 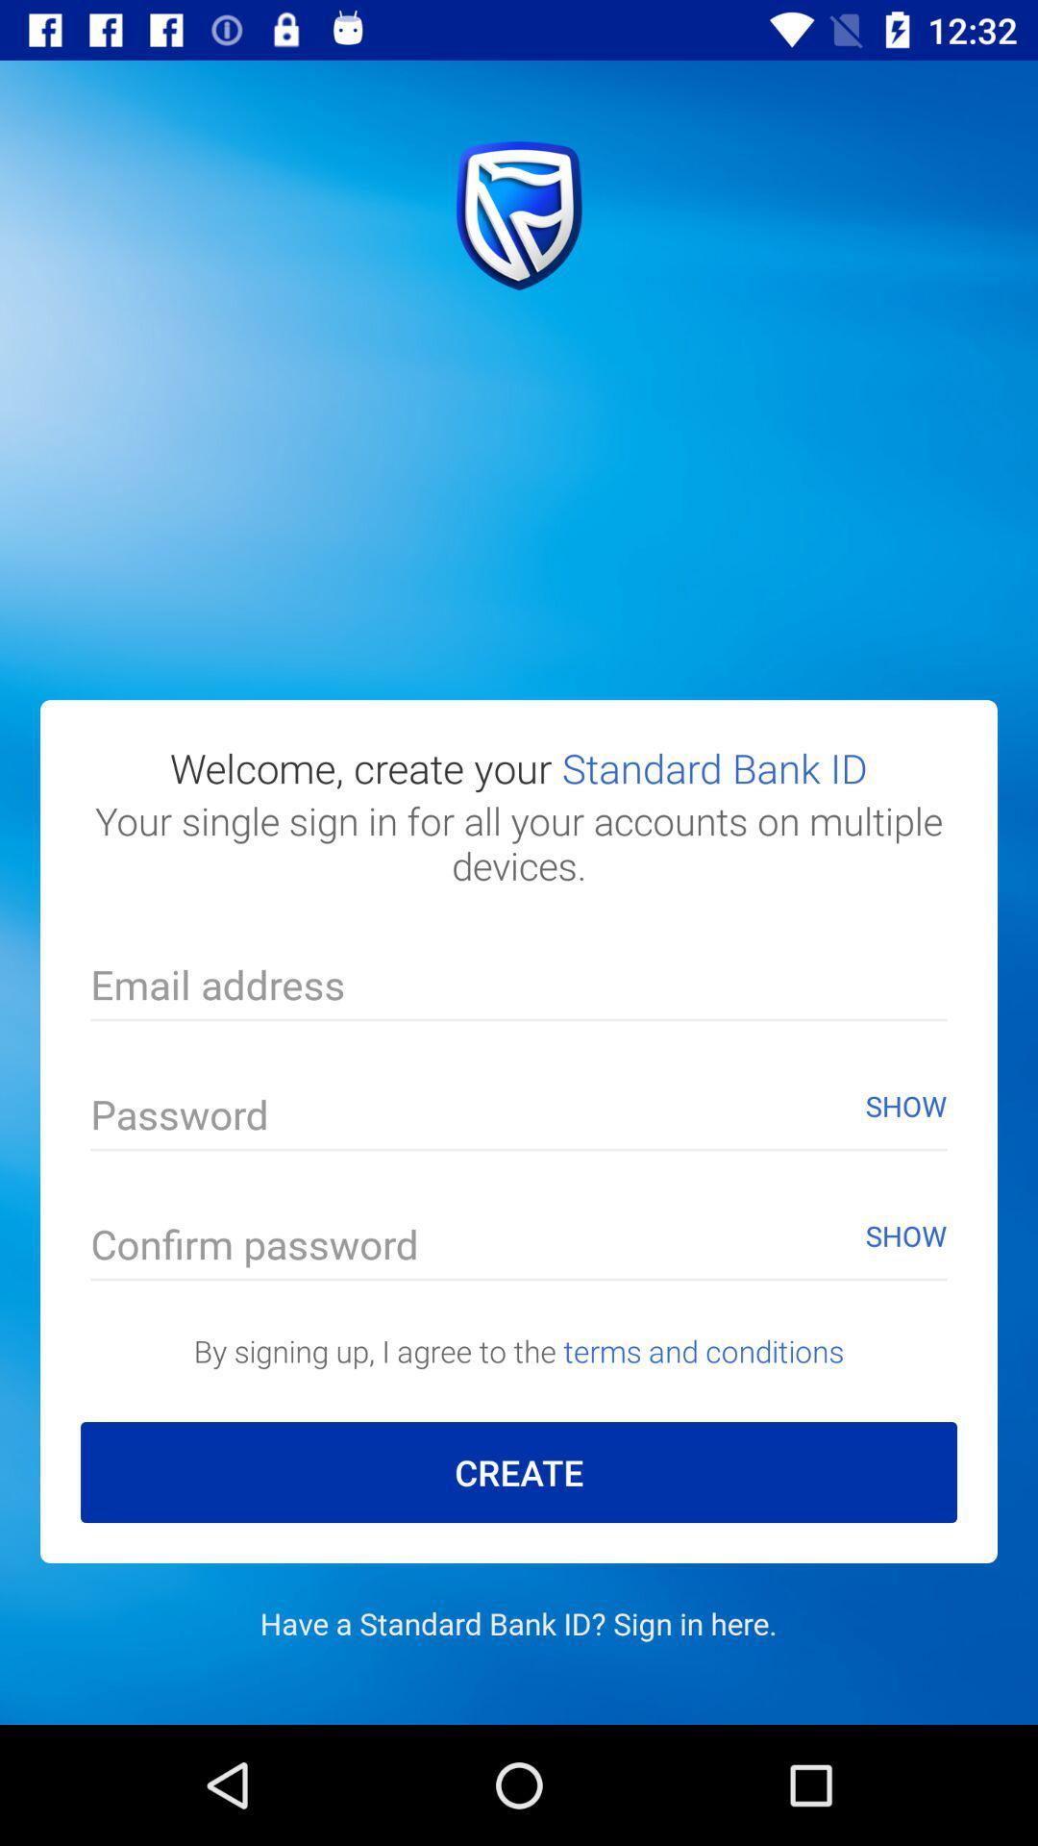 I want to click on password, so click(x=519, y=1119).